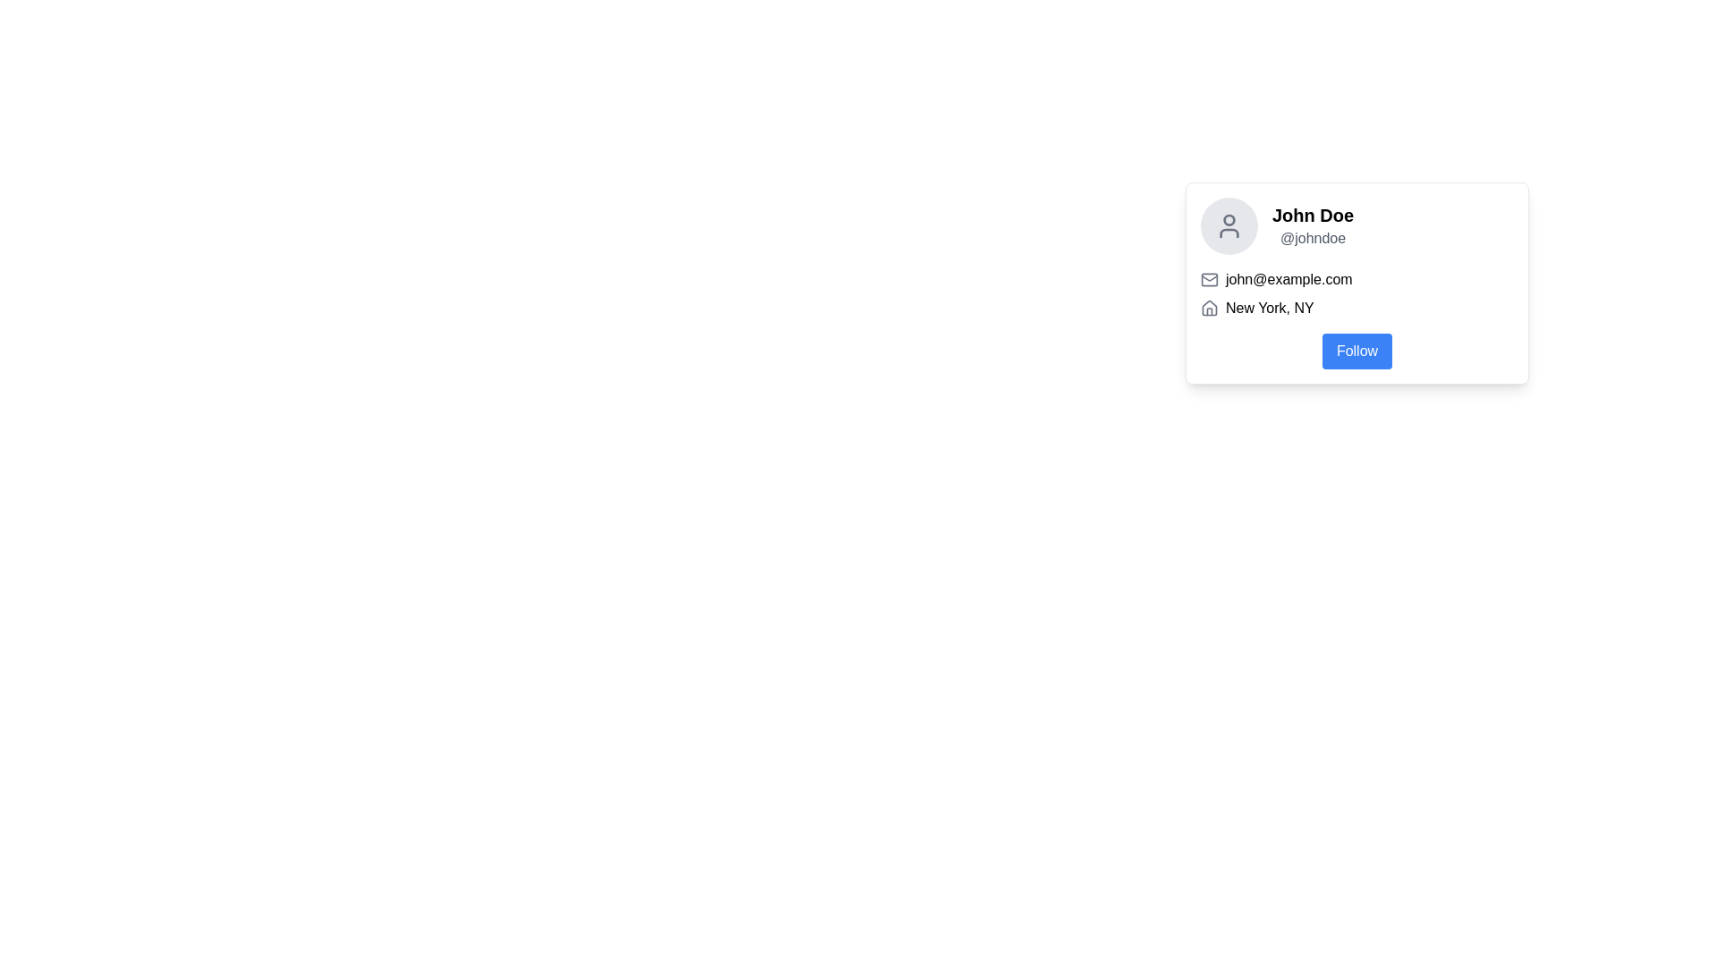  What do you see at coordinates (1210, 306) in the screenshot?
I see `the Decorative SVG house icon located adjacent to the text 'New York, NY'` at bounding box center [1210, 306].